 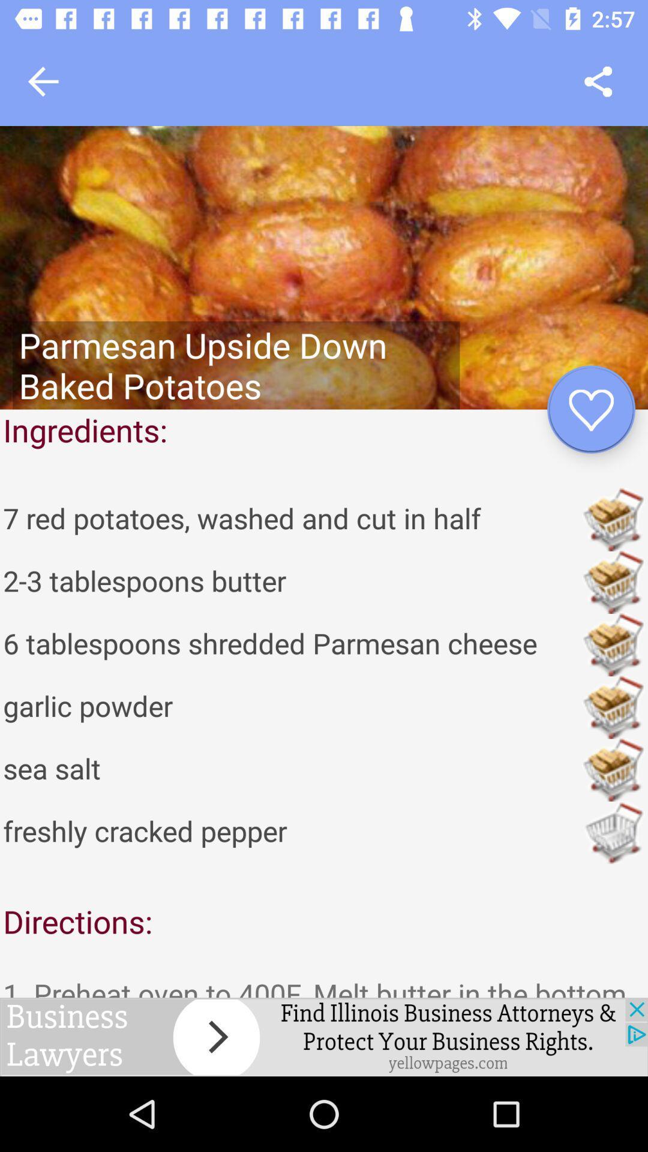 What do you see at coordinates (598, 81) in the screenshot?
I see `menu page` at bounding box center [598, 81].